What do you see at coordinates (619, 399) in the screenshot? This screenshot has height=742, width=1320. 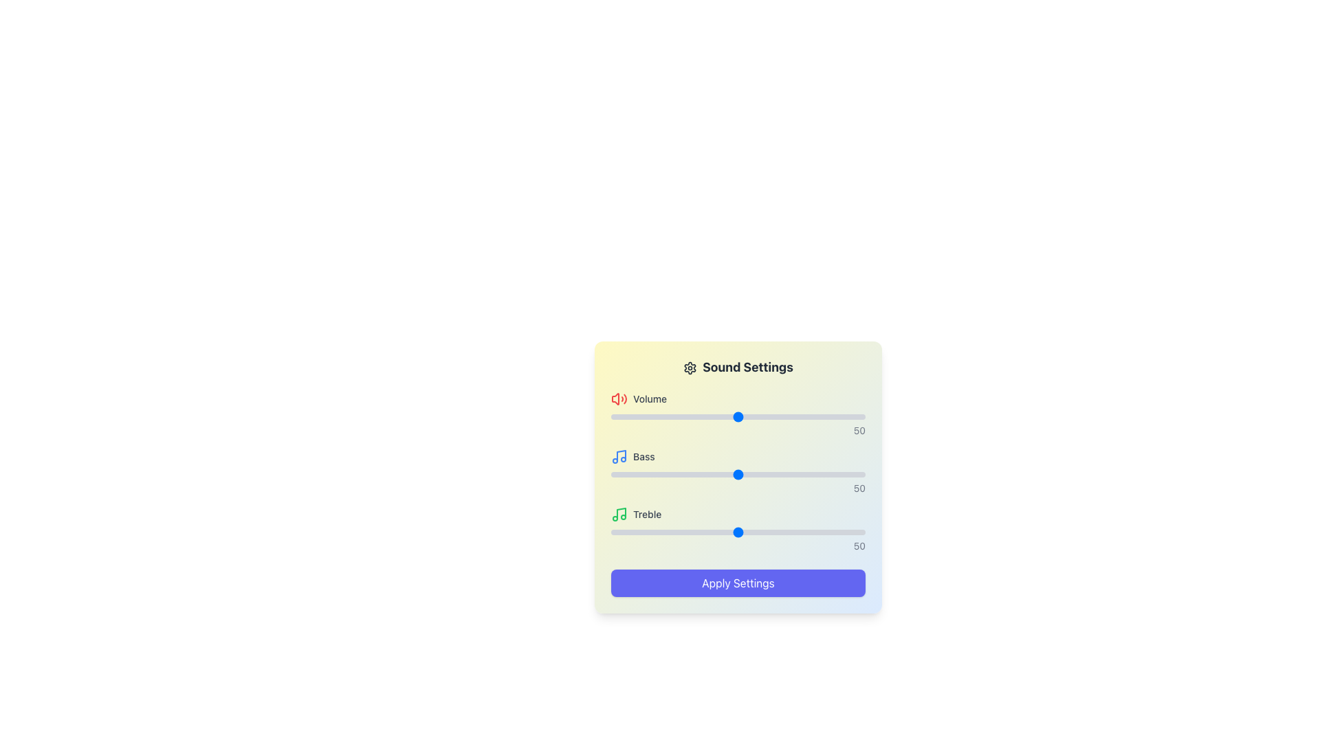 I see `the loudspeaker icon with sound waves, which is red in color and located next to the label 'Volume' in the sound settings section` at bounding box center [619, 399].